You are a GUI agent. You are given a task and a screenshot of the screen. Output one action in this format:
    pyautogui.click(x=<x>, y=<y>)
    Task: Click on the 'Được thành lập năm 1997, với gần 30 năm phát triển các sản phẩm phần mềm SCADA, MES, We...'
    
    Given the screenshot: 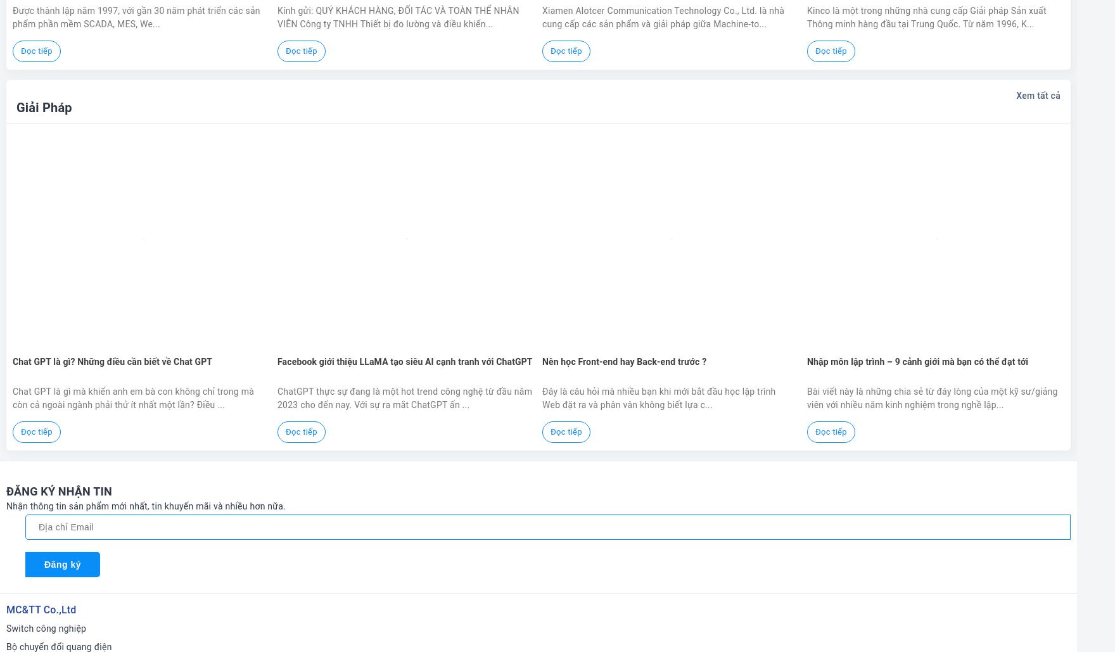 What is the action you would take?
    pyautogui.click(x=13, y=17)
    